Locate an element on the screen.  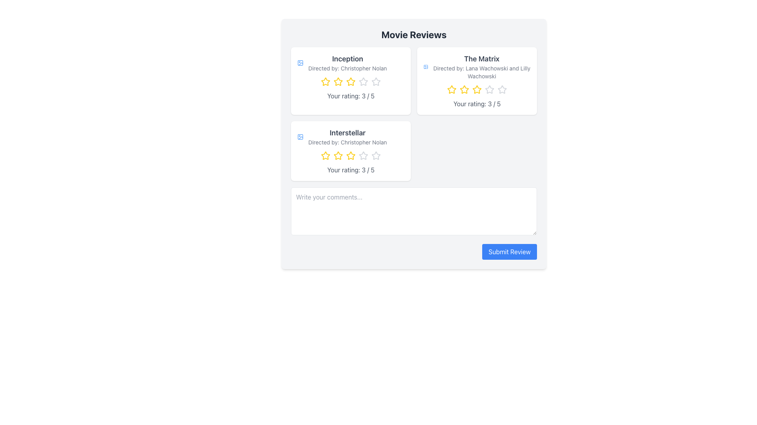
the text block that serves as a descriptive label for the associated movie card, displaying the movie title and director's name, located in the middle card of a three-column layout is located at coordinates (350, 136).